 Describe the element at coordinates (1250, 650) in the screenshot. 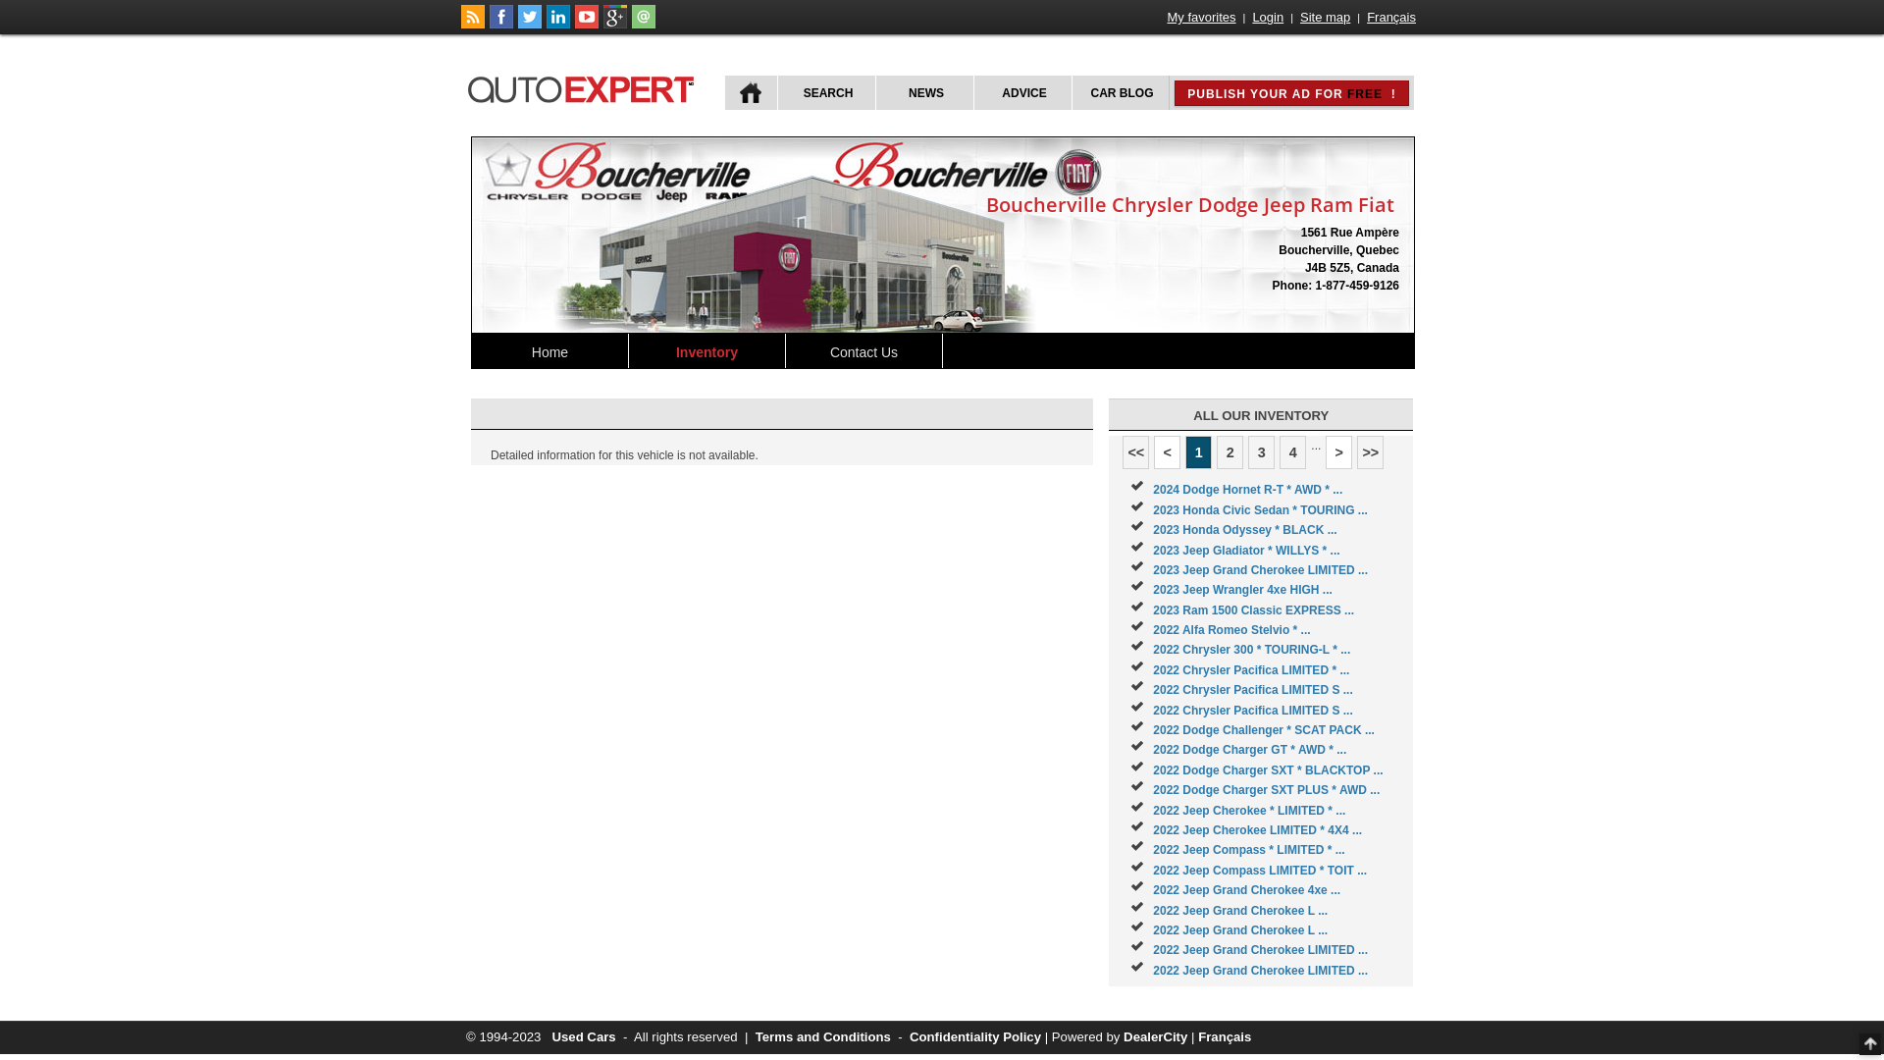

I see `'2022 Chrysler 300 * TOURING-L * ...'` at that location.